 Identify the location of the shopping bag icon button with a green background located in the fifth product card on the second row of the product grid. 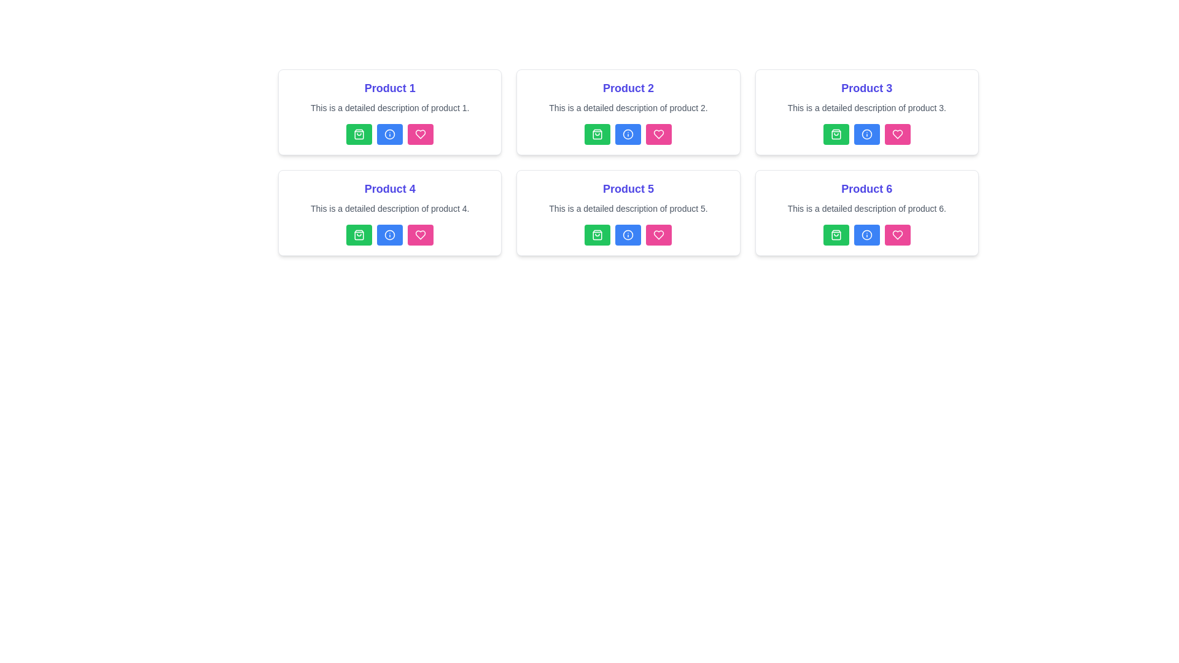
(597, 235).